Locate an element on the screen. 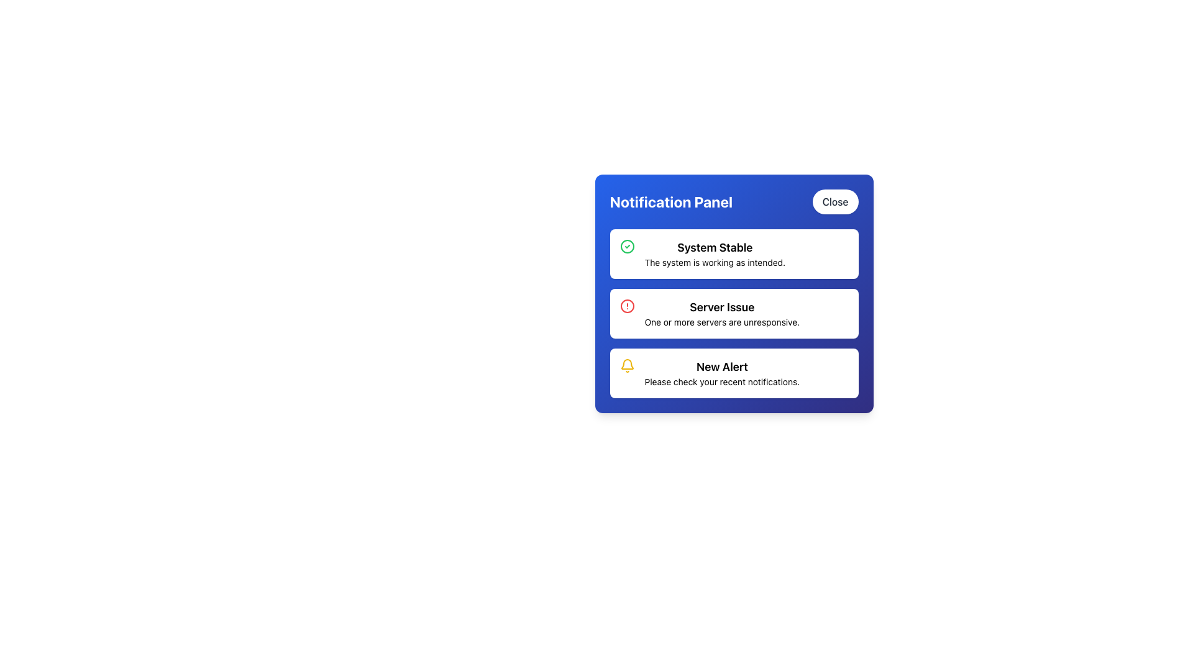 Image resolution: width=1193 pixels, height=671 pixels. the SVG Circle that serves as an indicator for the 'Server Issue' notification in the Notification Panel is located at coordinates (627, 306).